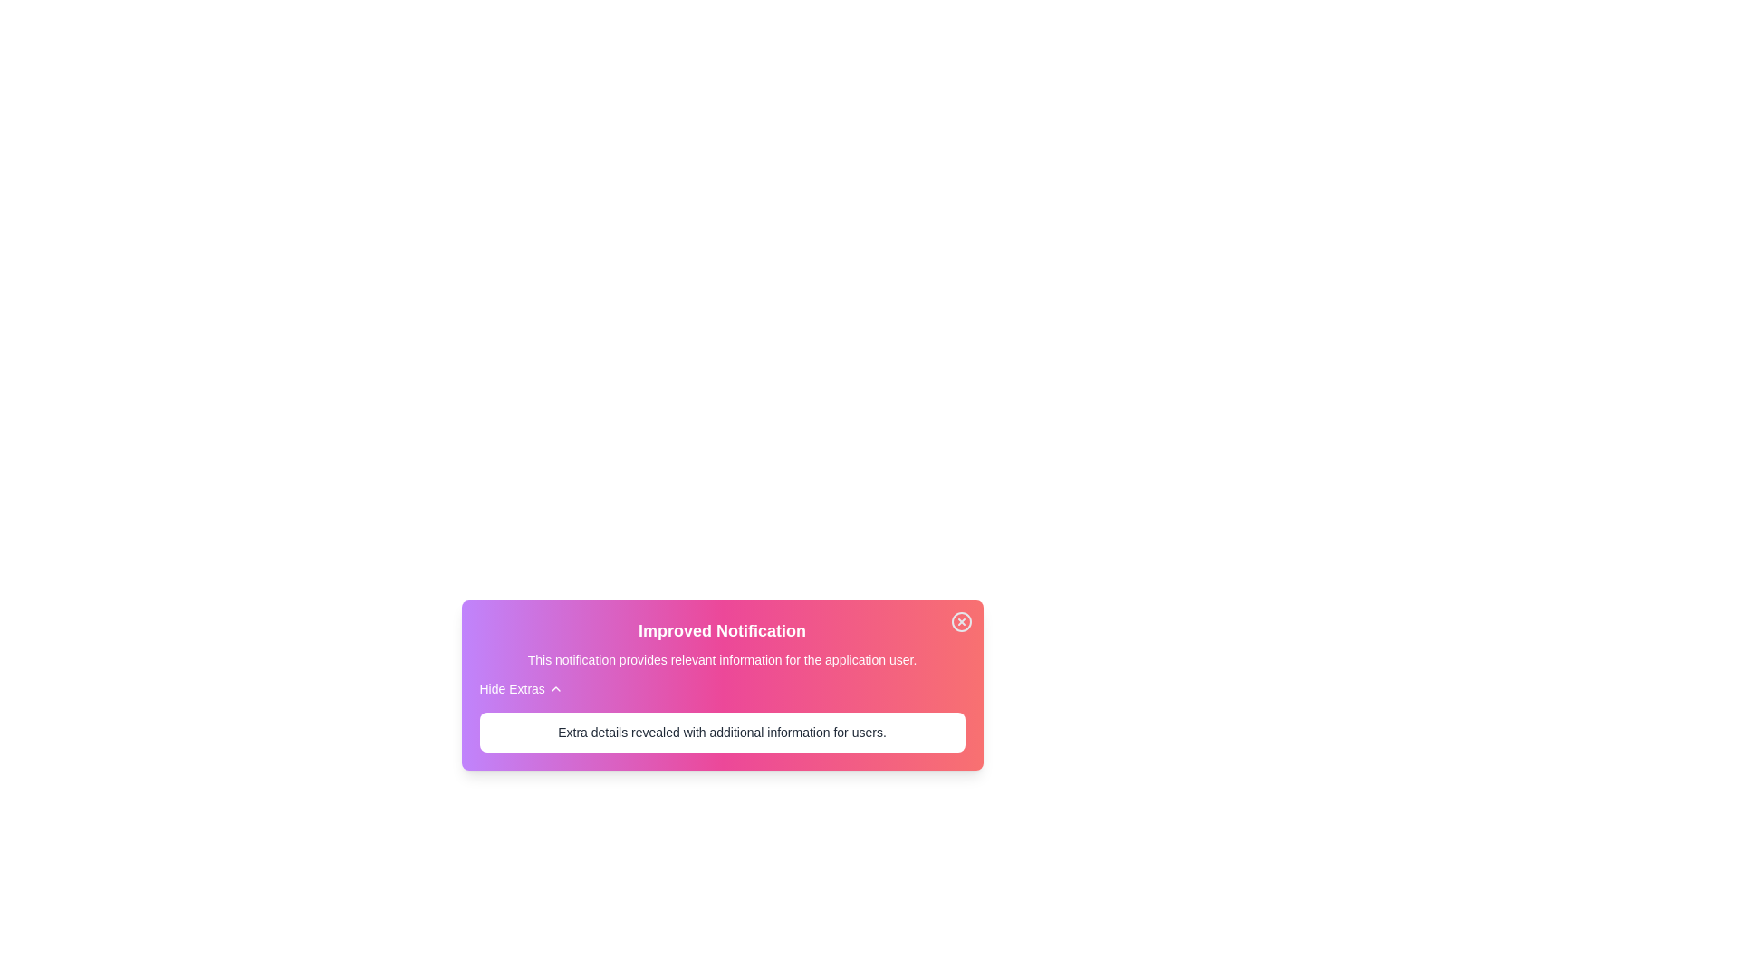  Describe the element at coordinates (520, 688) in the screenshot. I see `the 'Hide Extras' button to toggle the visibility of the extra details` at that location.